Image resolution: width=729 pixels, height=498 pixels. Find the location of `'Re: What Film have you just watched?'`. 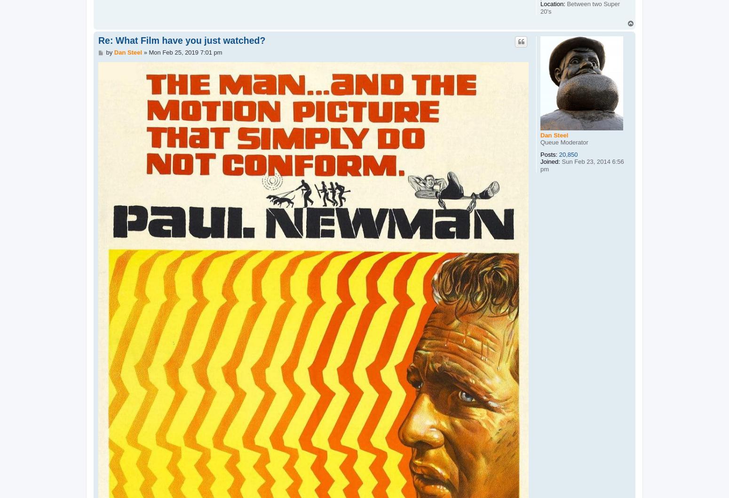

'Re: What Film have you just watched?' is located at coordinates (181, 40).